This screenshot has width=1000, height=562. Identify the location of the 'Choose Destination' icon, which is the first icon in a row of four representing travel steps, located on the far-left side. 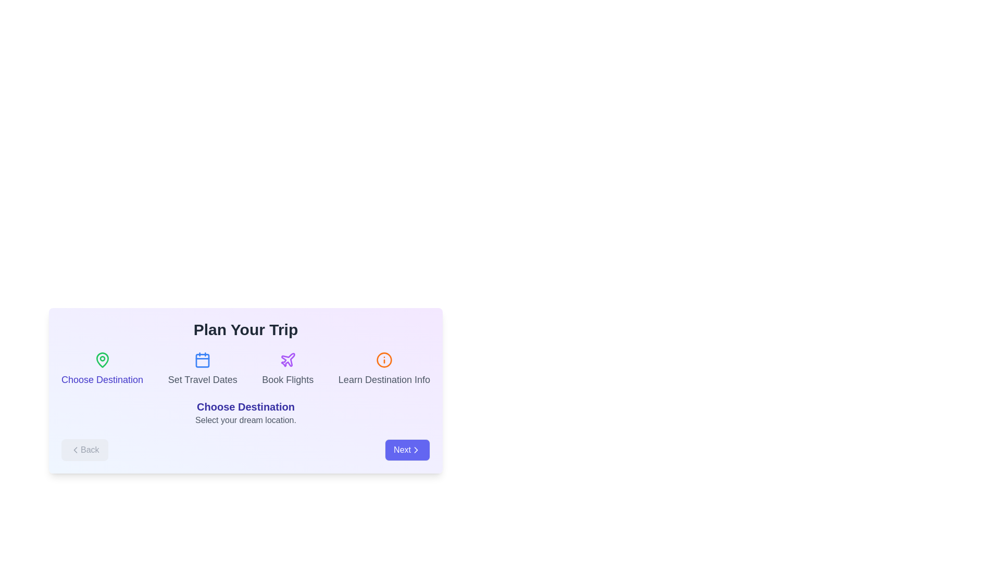
(102, 359).